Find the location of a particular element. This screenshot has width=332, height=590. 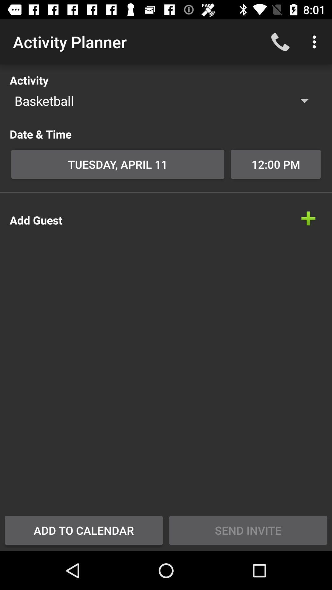

the icon to the left of the 12:00 pm is located at coordinates (118, 164).